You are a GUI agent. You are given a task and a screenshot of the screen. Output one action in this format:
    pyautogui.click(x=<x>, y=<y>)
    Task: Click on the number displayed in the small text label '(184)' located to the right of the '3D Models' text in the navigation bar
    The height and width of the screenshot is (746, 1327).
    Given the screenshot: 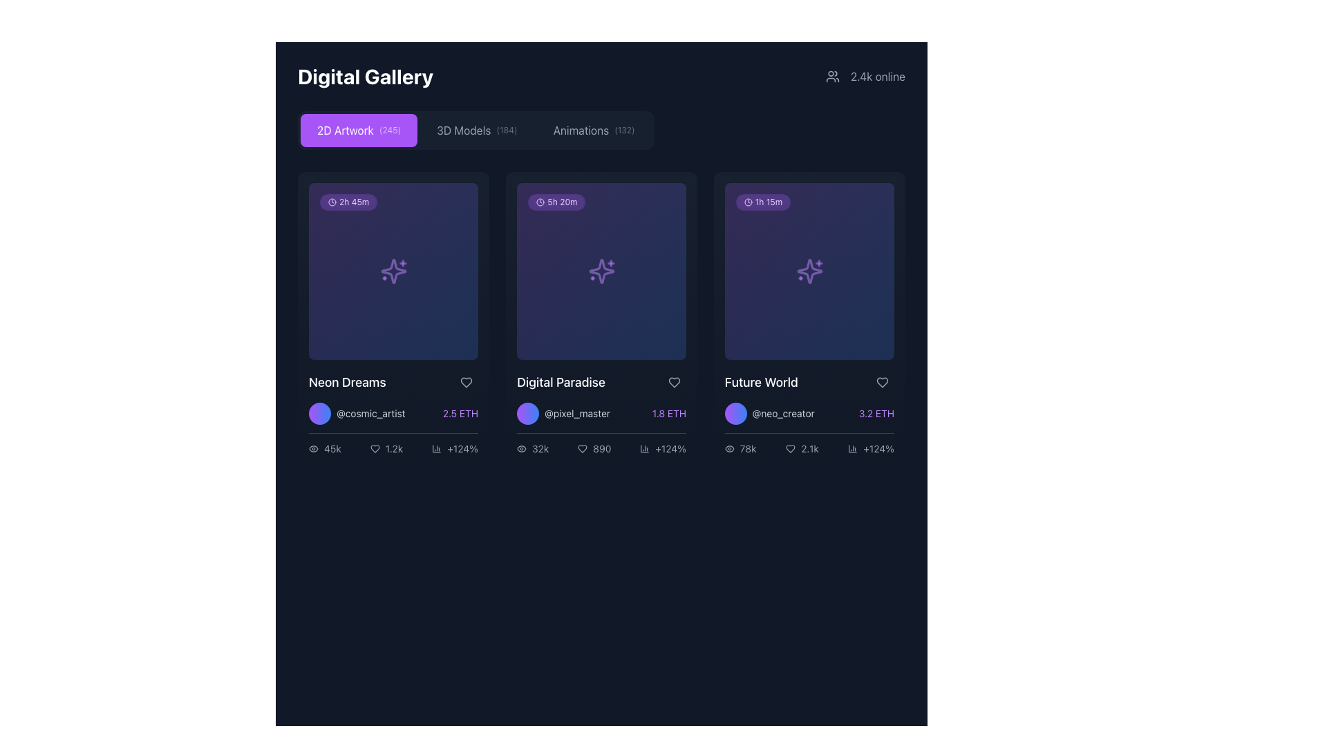 What is the action you would take?
    pyautogui.click(x=506, y=131)
    